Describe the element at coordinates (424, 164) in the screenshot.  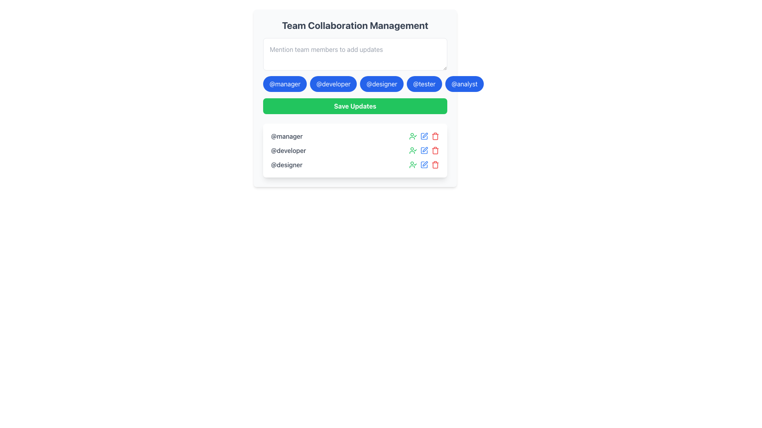
I see `the second icon from the left in a group of three action icons to the right of the '@designer' label for additional details or a tooltip` at that location.